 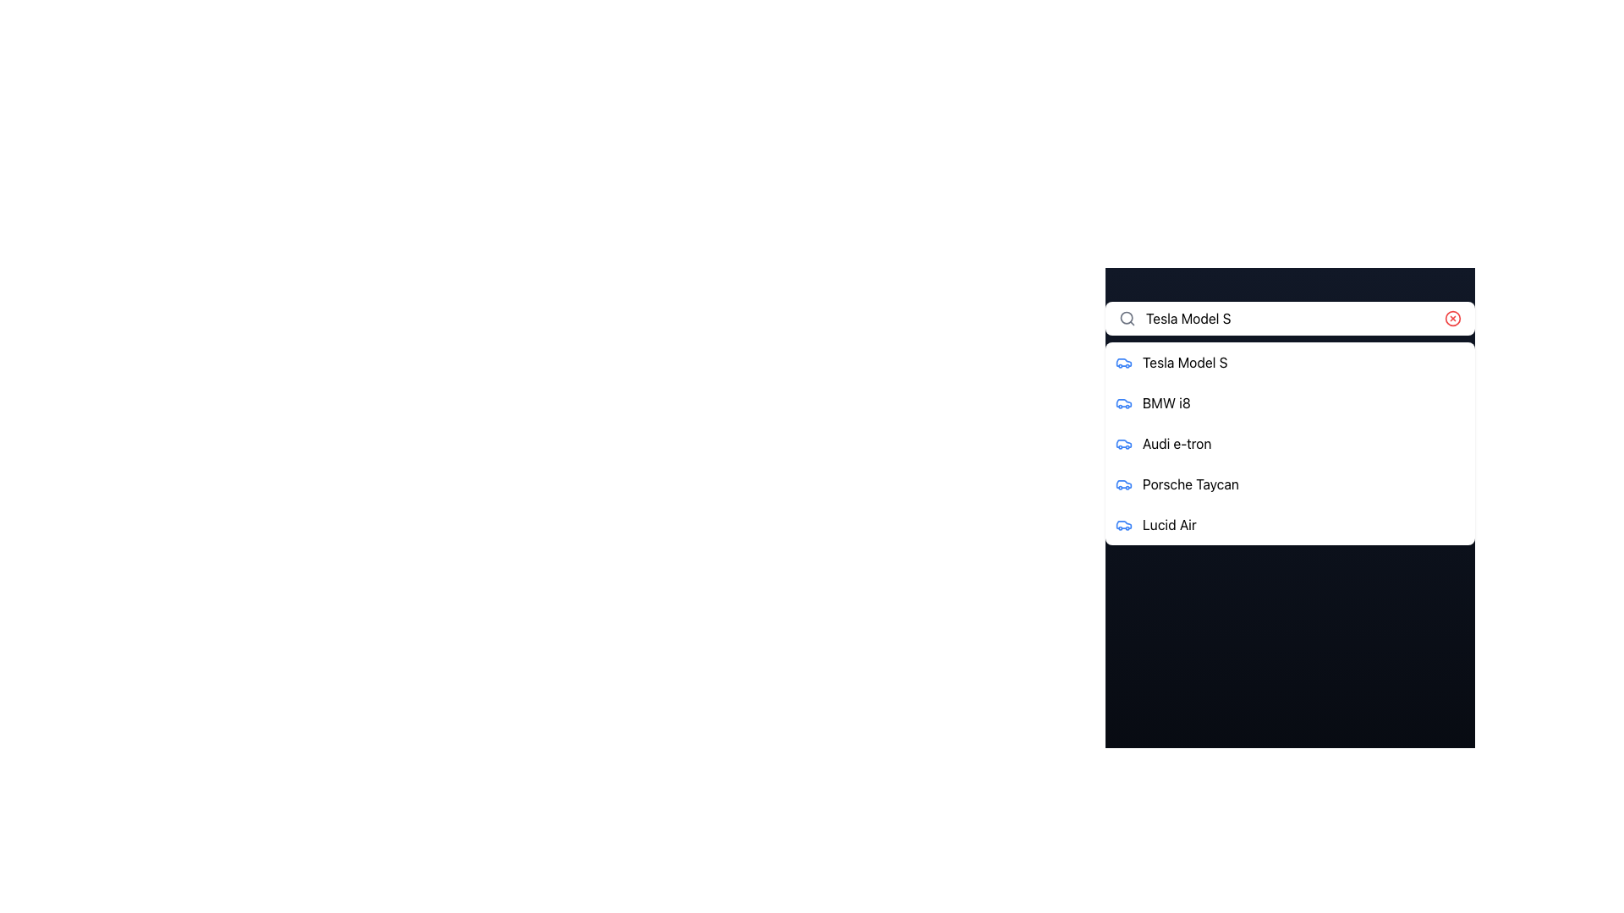 What do you see at coordinates (1452, 319) in the screenshot?
I see `the clear button, which is an SVG-based circular icon located in the top right corner of the input field` at bounding box center [1452, 319].